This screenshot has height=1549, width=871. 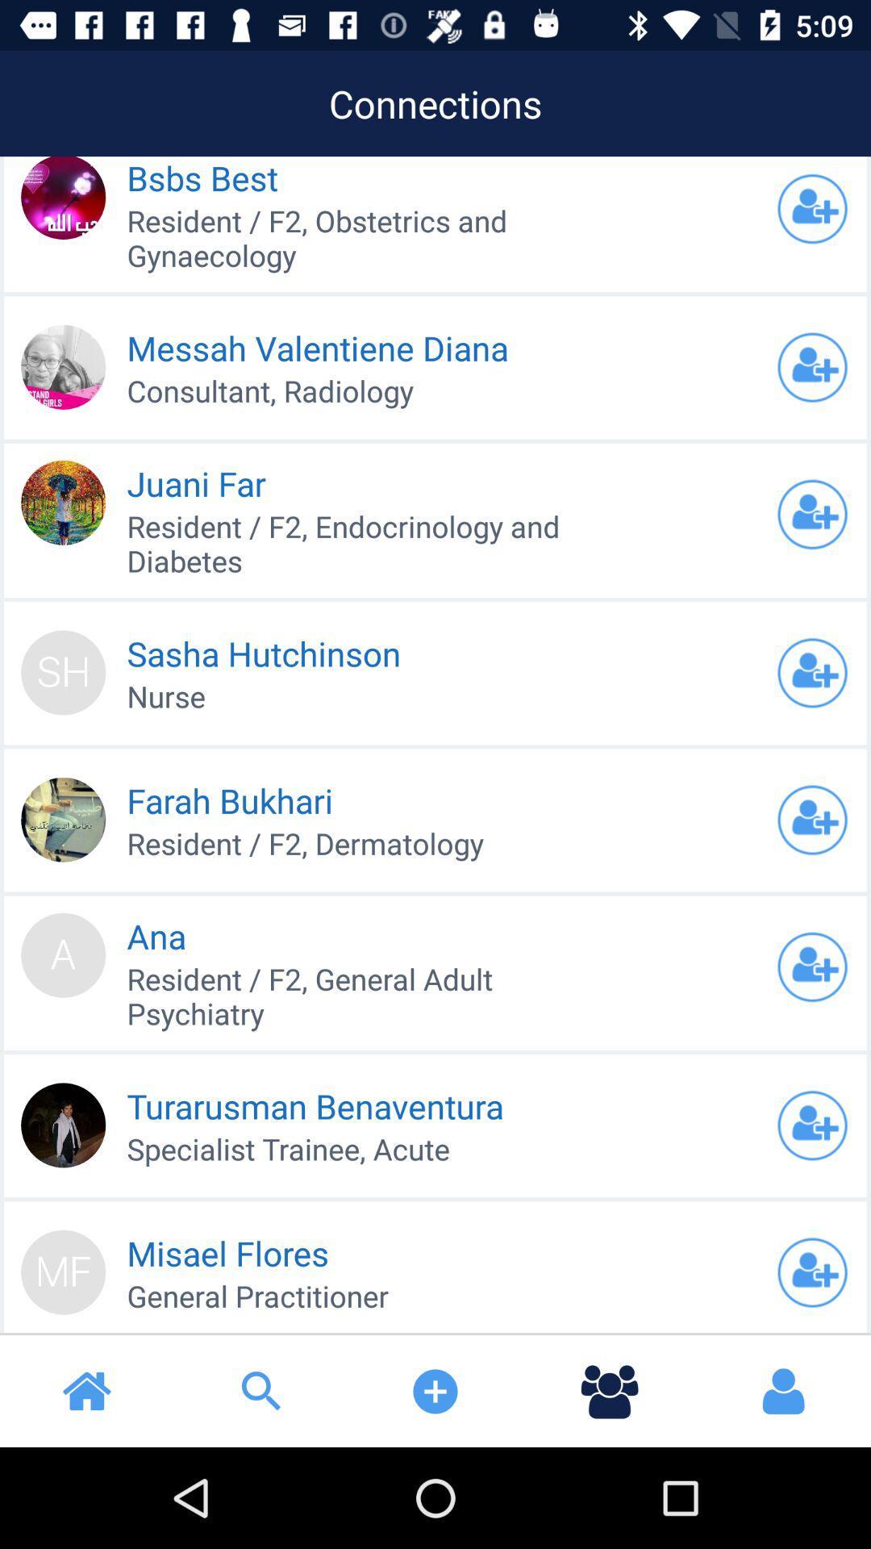 I want to click on the item below the general practitioner app, so click(x=87, y=1390).